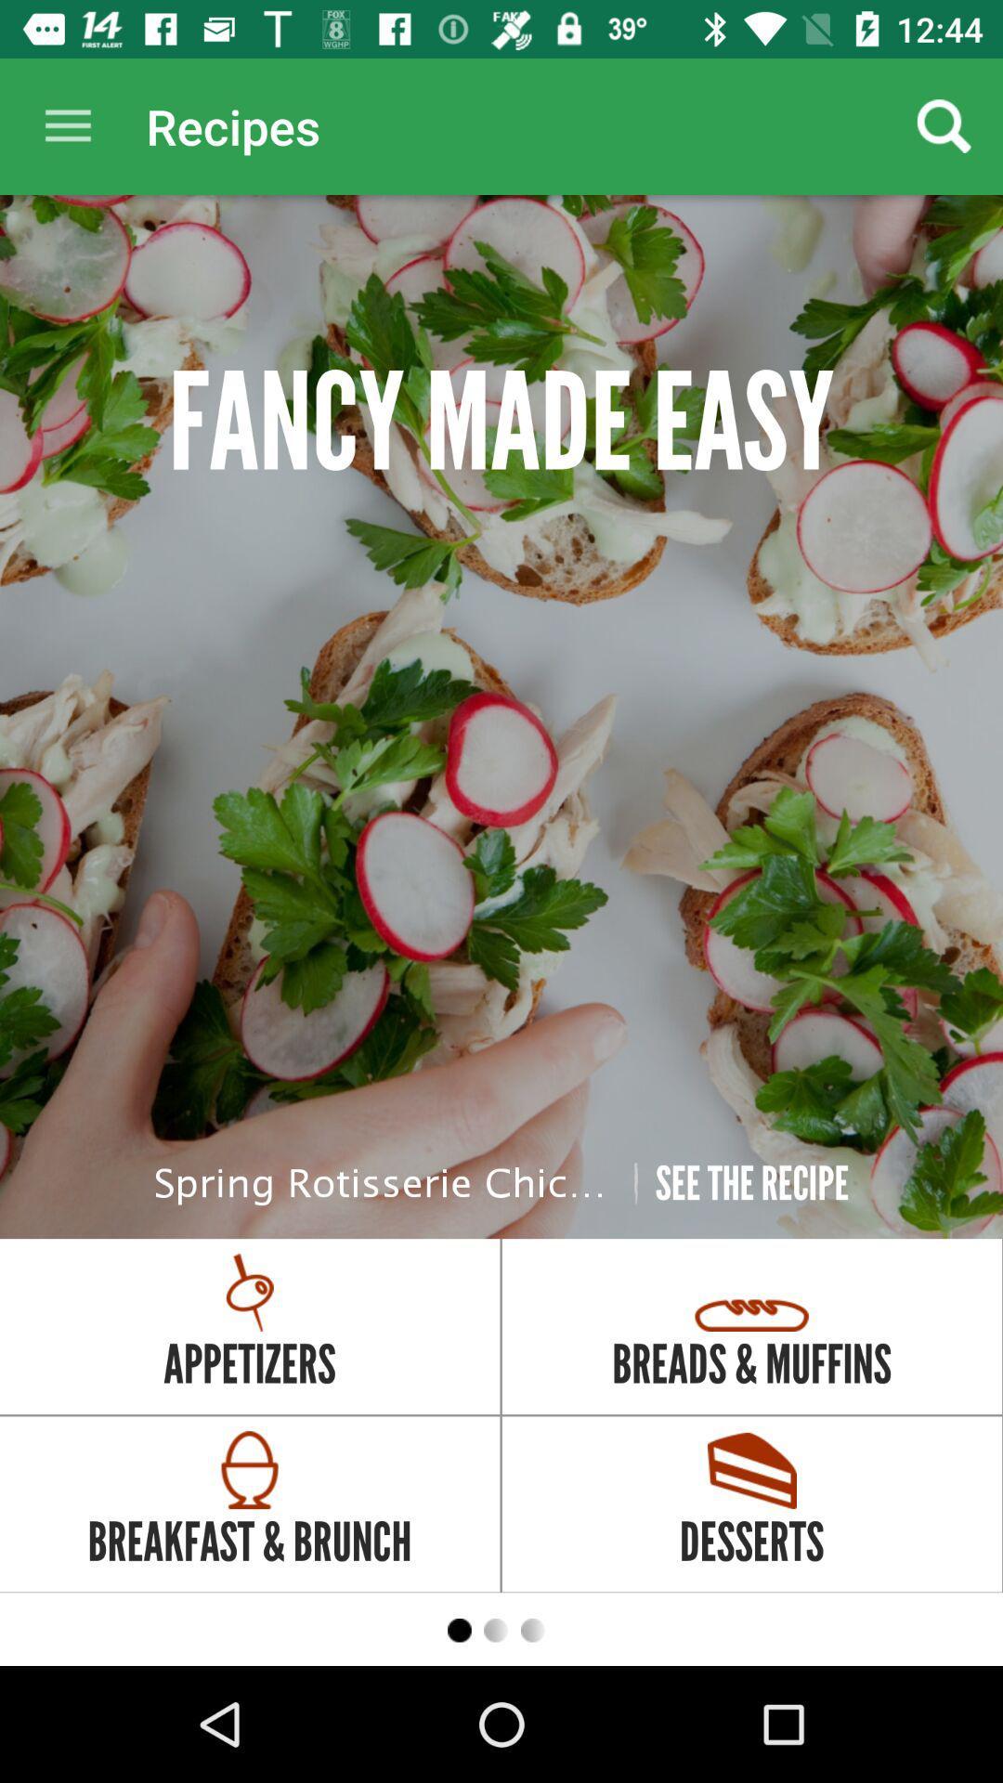  I want to click on app to the left of the recipes icon, so click(67, 125).